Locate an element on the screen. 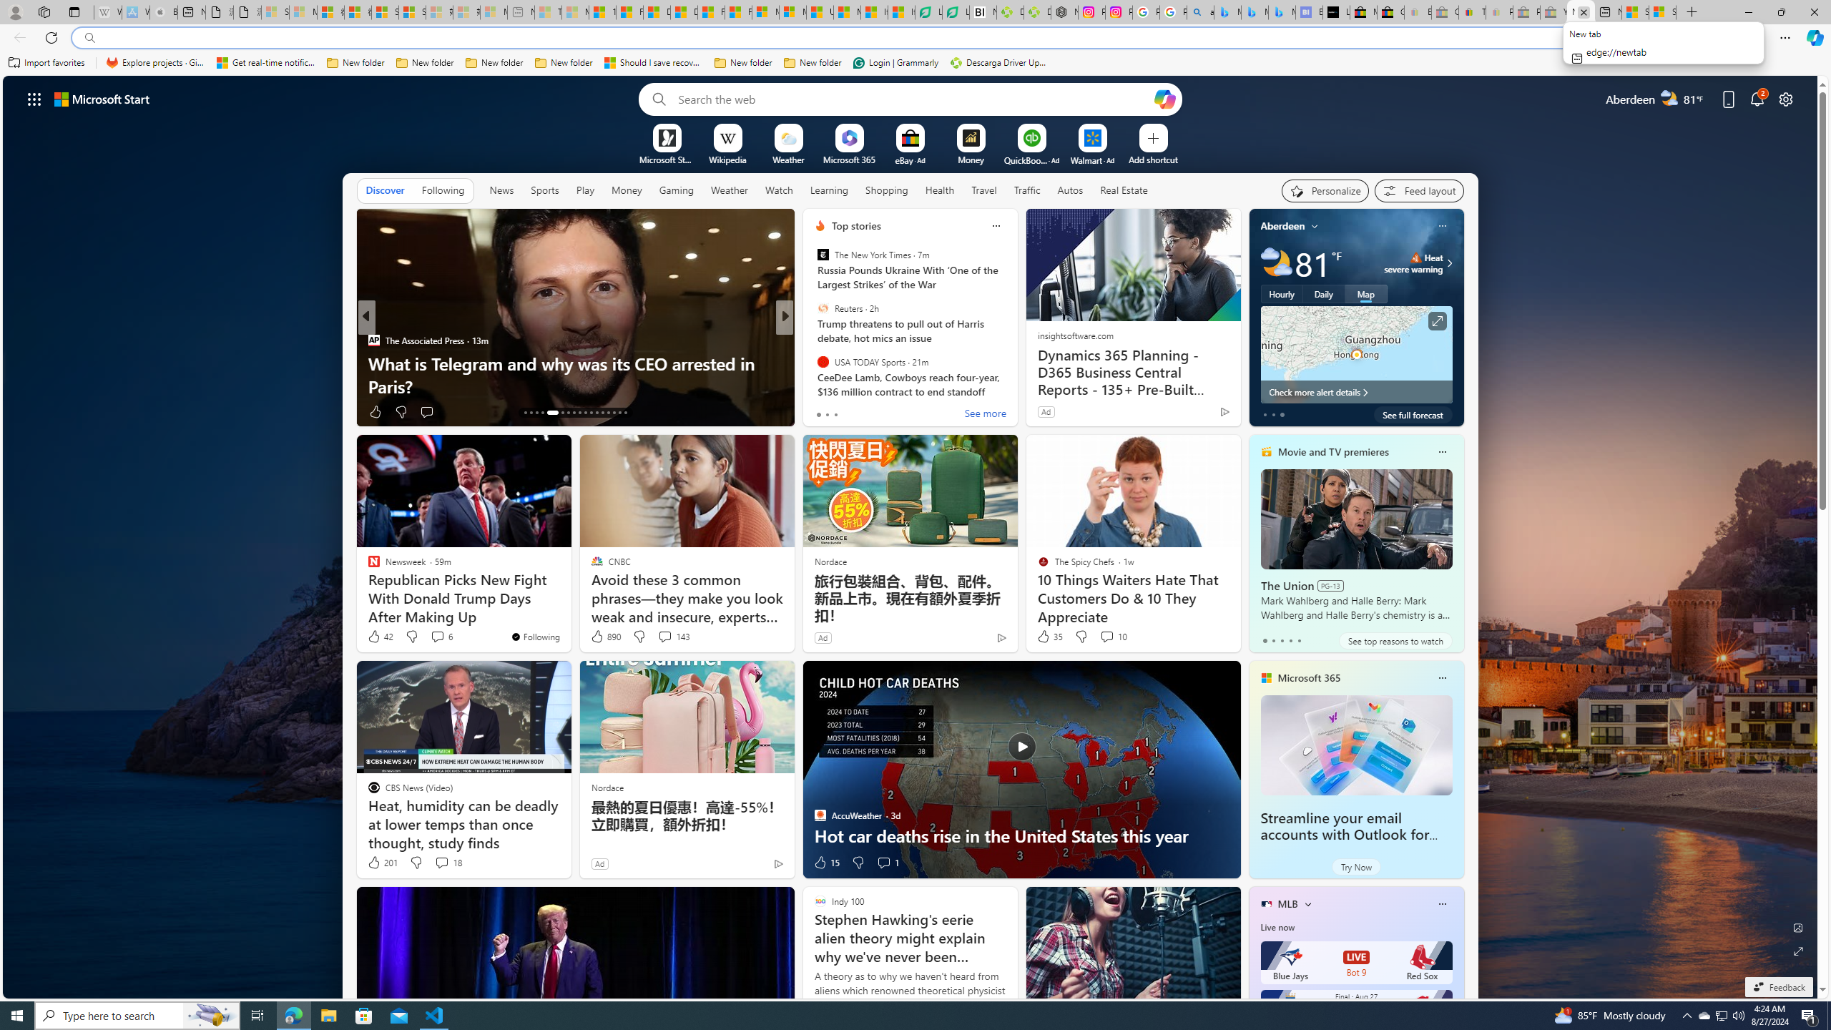 This screenshot has width=1831, height=1030. '42 Like' is located at coordinates (379, 635).